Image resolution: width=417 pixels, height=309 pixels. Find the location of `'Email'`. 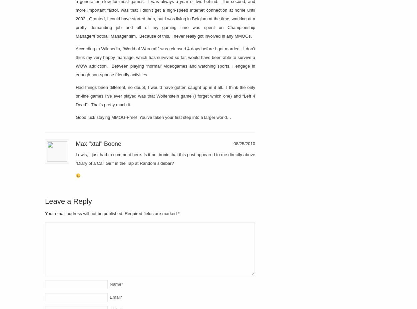

'Email' is located at coordinates (115, 297).